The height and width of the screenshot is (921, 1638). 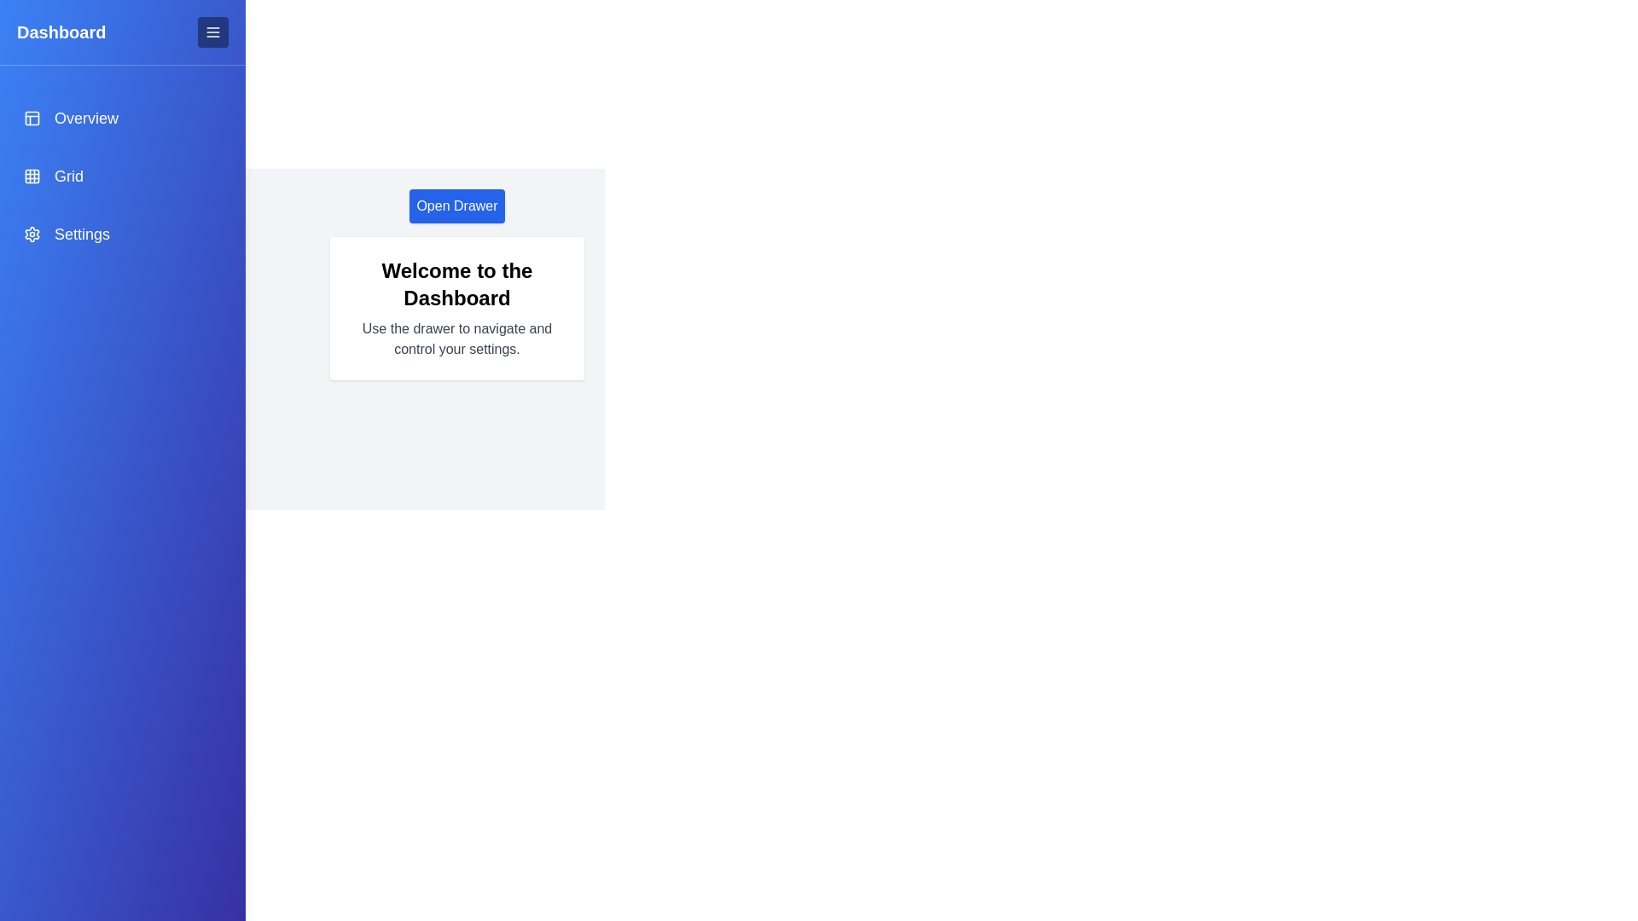 I want to click on drawer close button to close the drawer, so click(x=212, y=32).